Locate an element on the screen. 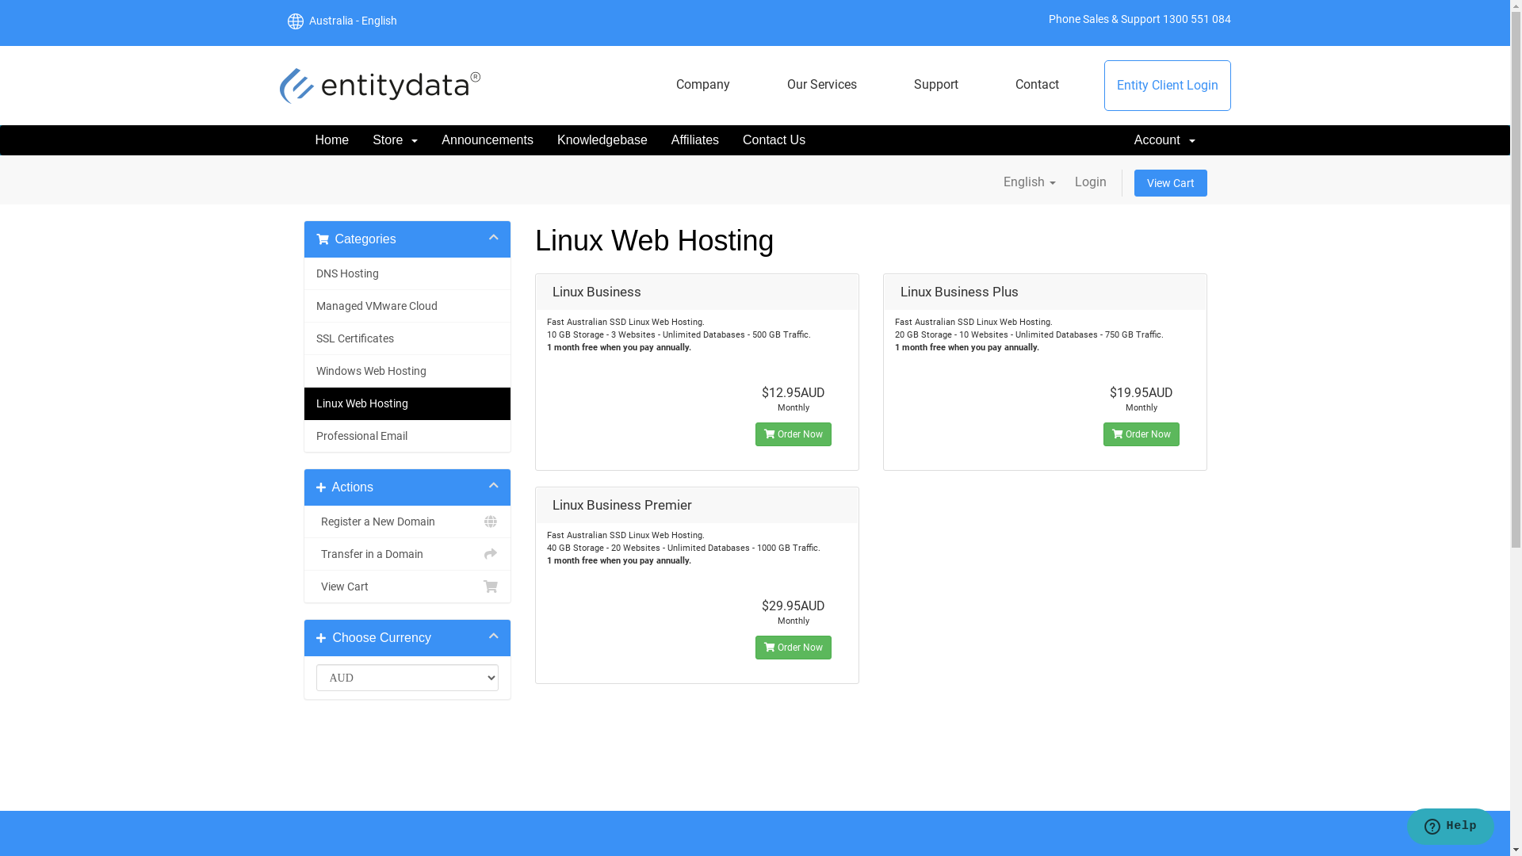  'Contact' is located at coordinates (1003, 85).